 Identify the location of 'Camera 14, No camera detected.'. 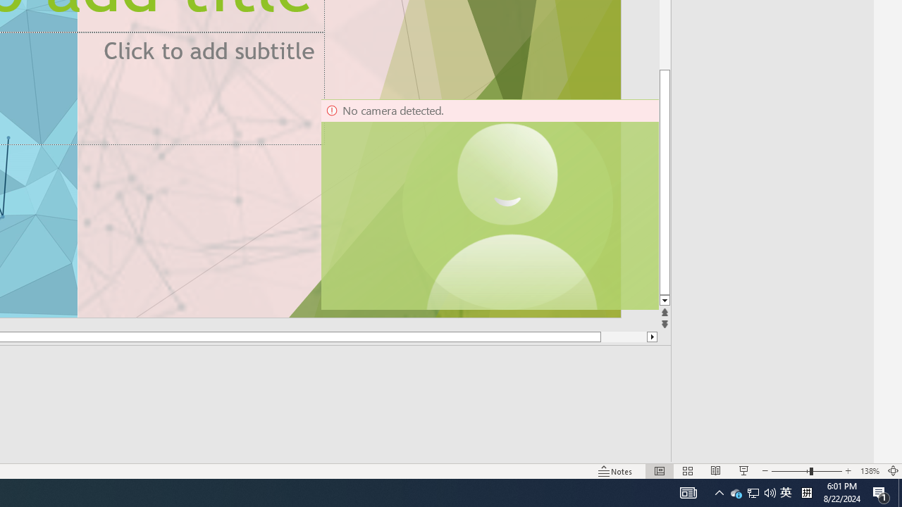
(489, 204).